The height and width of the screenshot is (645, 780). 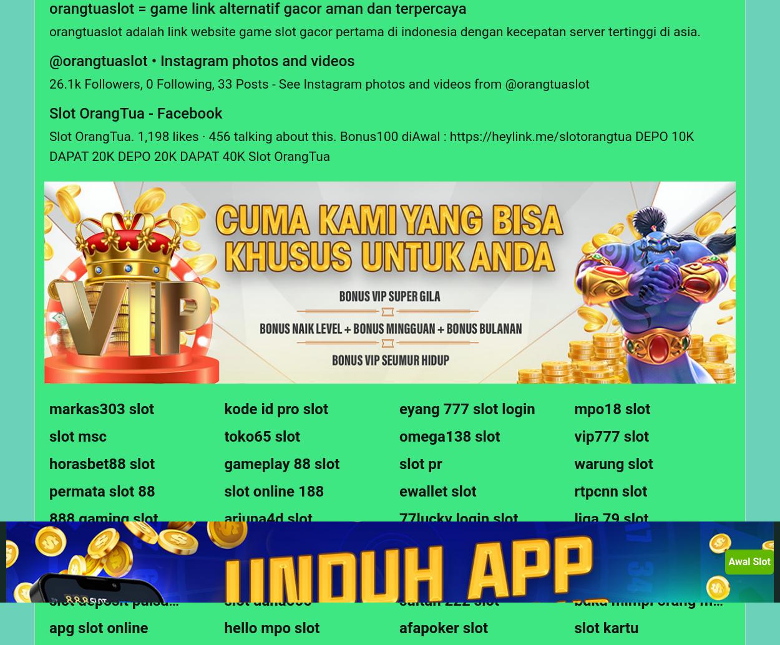 I want to click on 'rtpcnn slot', so click(x=574, y=490).